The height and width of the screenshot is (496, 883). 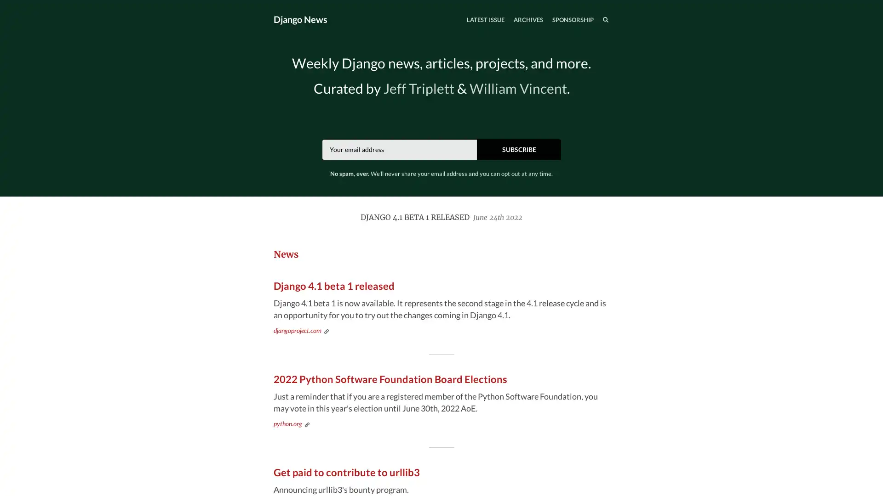 I want to click on SUBSCRIBE, so click(x=519, y=148).